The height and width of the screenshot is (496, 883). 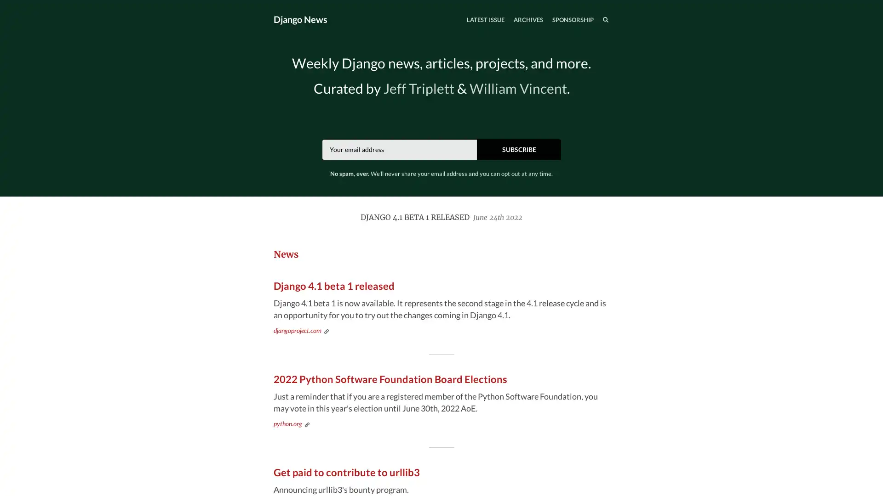 I want to click on SUBSCRIBE, so click(x=519, y=148).